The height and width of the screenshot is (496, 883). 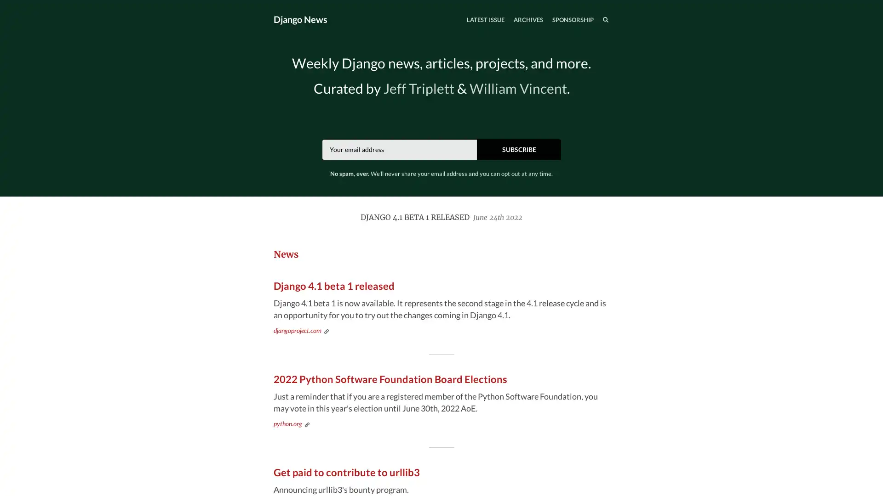 I want to click on SUBSCRIBE, so click(x=519, y=148).